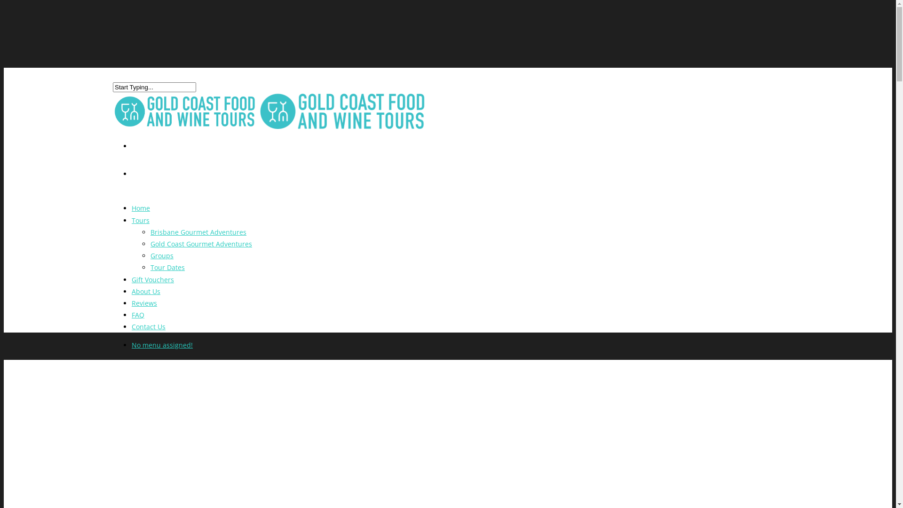 The height and width of the screenshot is (508, 903). Describe the element at coordinates (167, 267) in the screenshot. I see `'Tour Dates'` at that location.